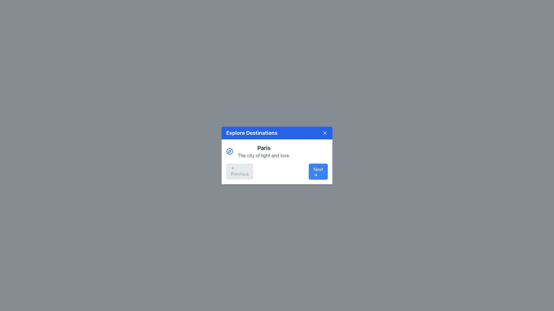  I want to click on the triangular graphical component that mimics a compass needle, which is embedded within a circular frame and centrally positioned, so click(229, 151).